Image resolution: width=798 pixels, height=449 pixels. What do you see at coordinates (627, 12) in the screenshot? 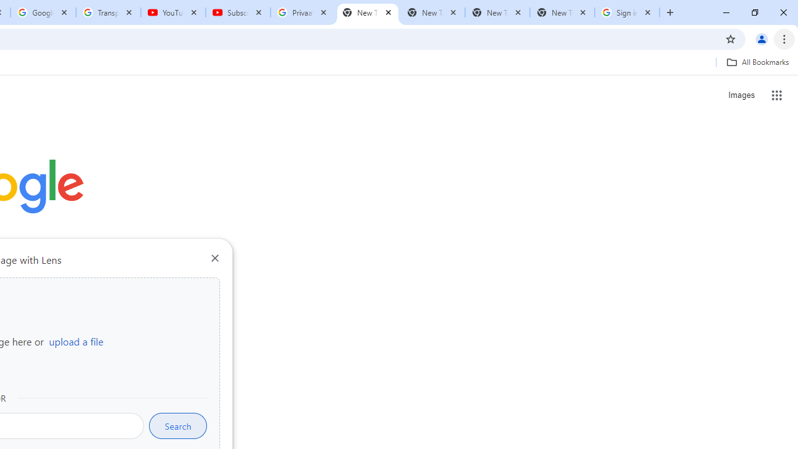
I see `'Sign in - Google Accounts'` at bounding box center [627, 12].